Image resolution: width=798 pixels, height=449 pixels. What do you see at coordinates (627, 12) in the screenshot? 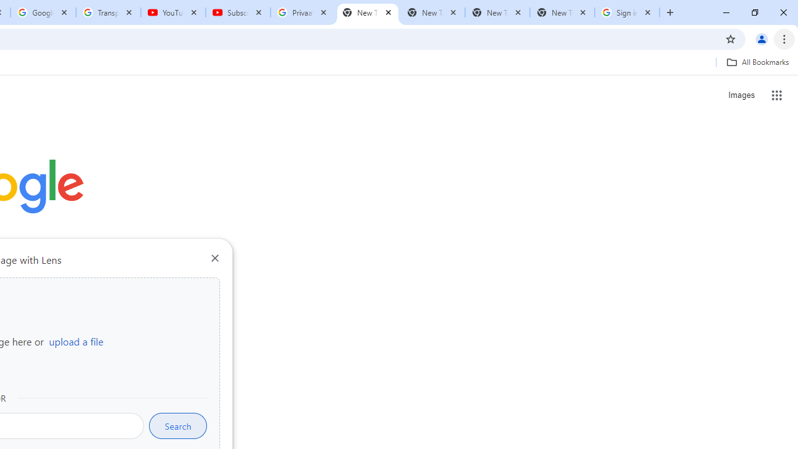
I see `'Sign in - Google Accounts'` at bounding box center [627, 12].